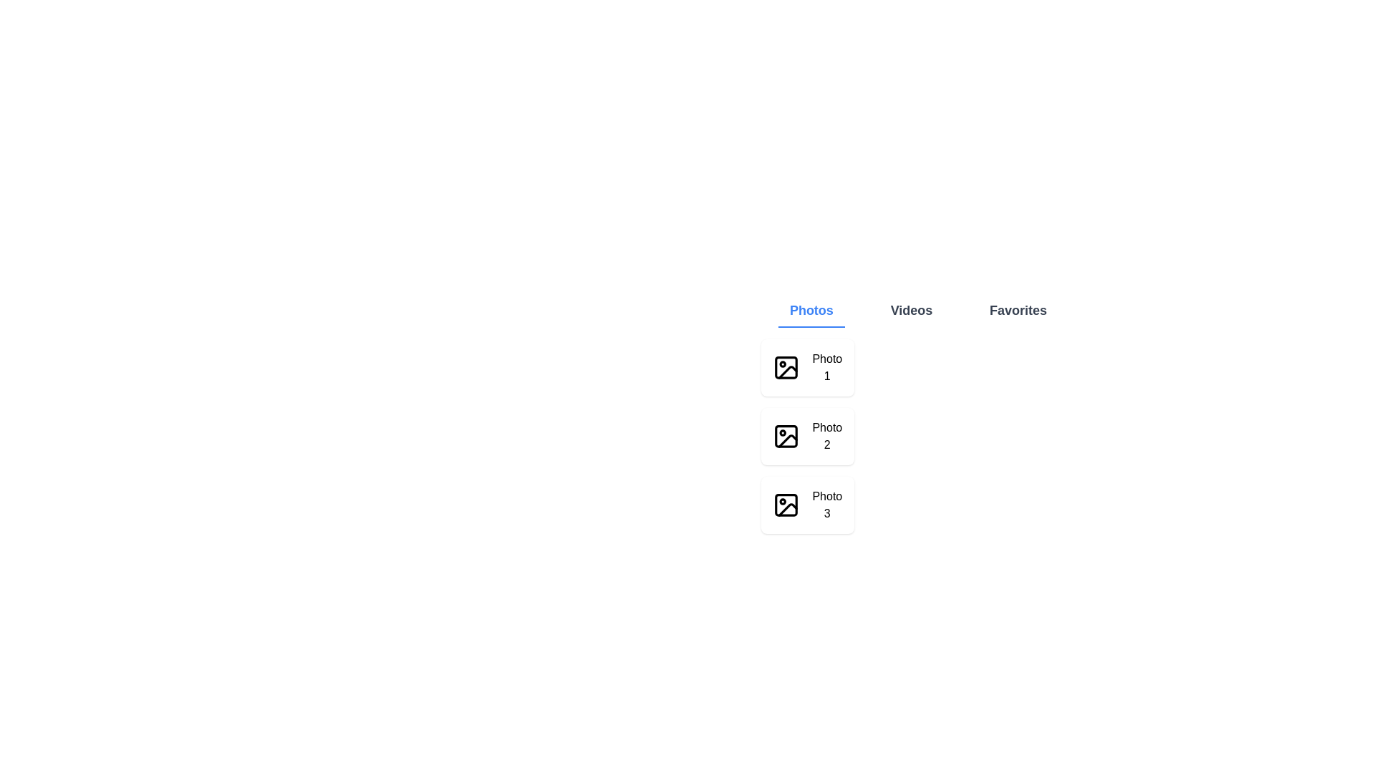 The image size is (1375, 773). What do you see at coordinates (808, 435) in the screenshot?
I see `the interactive list item representing 'Photo 2'` at bounding box center [808, 435].